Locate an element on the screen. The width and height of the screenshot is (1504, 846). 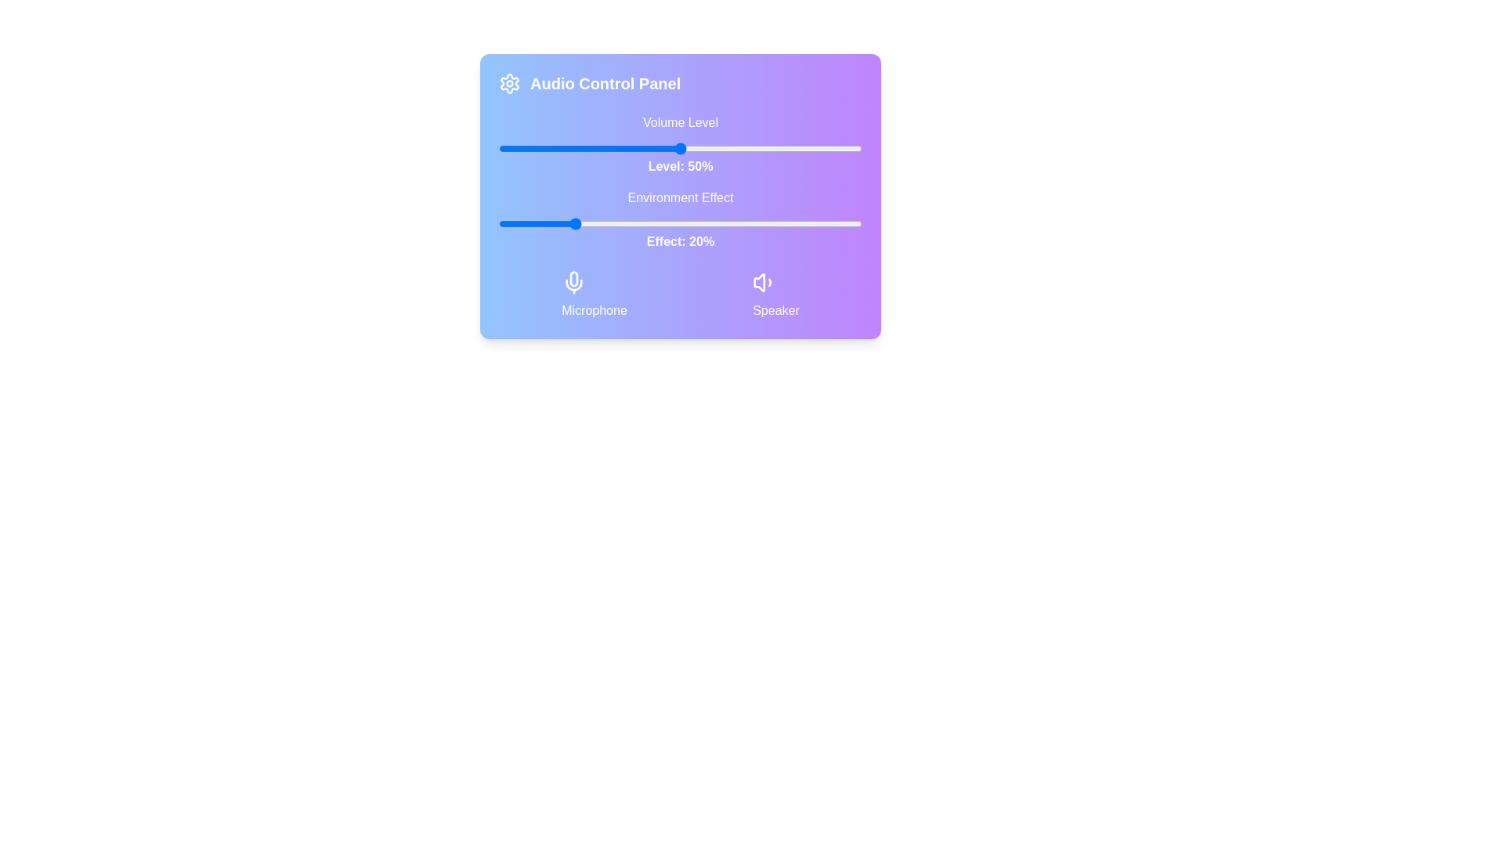
the volume slider to 5% is located at coordinates (517, 148).